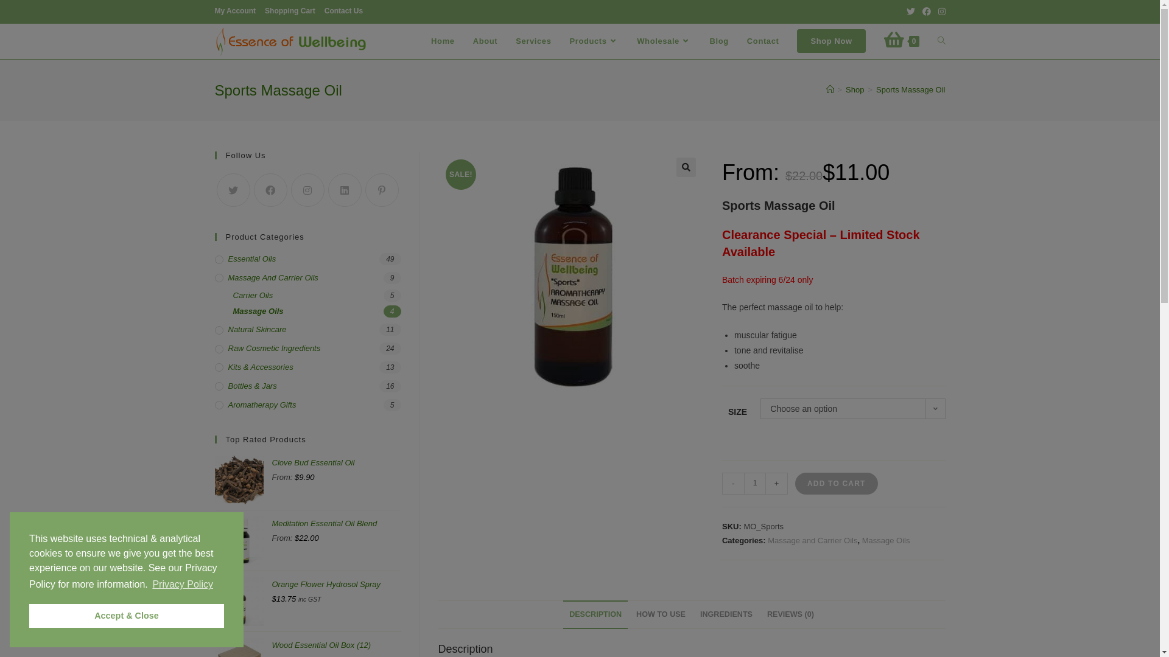  What do you see at coordinates (830, 41) in the screenshot?
I see `'Shop Now'` at bounding box center [830, 41].